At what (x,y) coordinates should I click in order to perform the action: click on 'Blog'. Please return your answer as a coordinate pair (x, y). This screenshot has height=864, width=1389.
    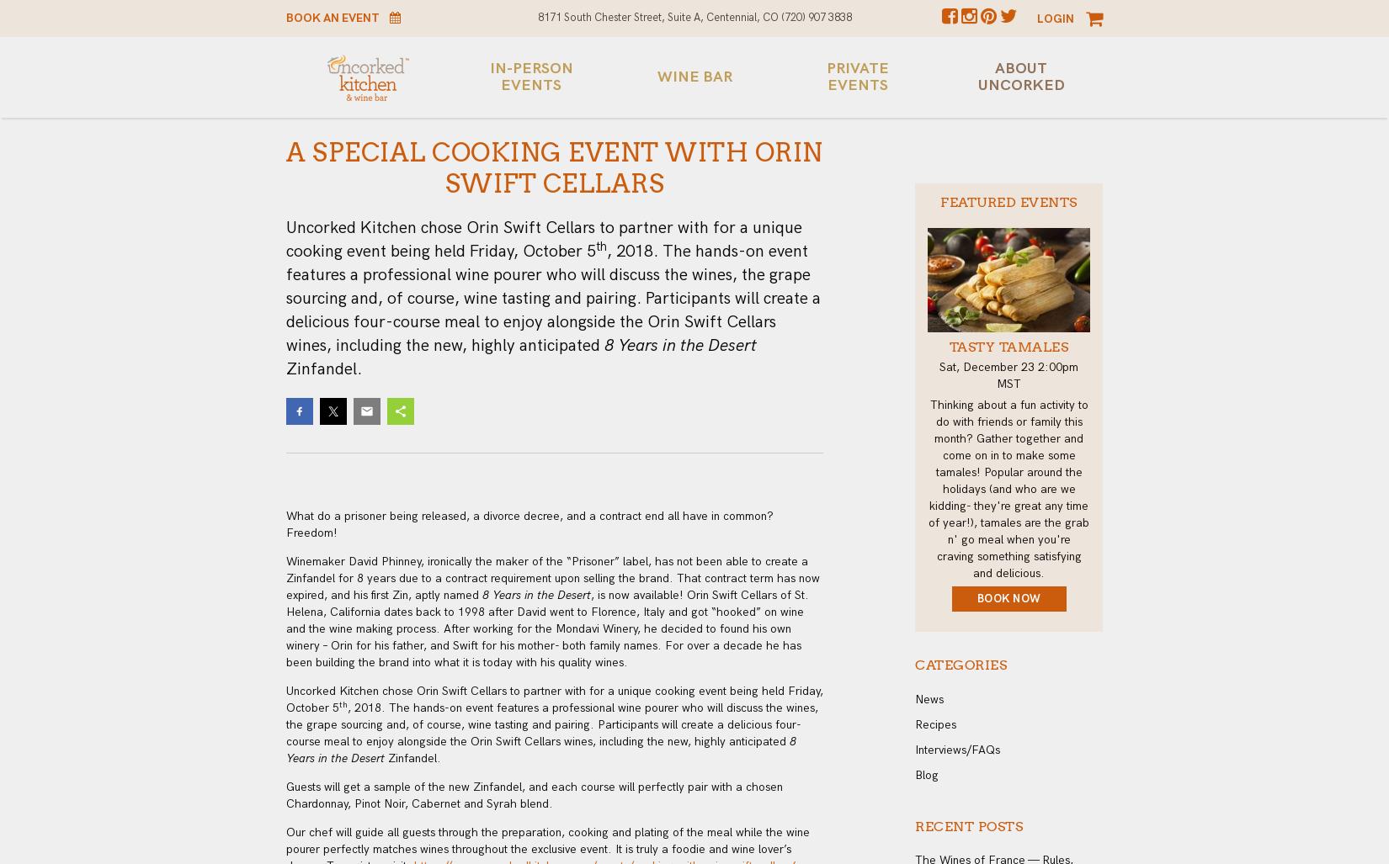
    Looking at the image, I should click on (927, 774).